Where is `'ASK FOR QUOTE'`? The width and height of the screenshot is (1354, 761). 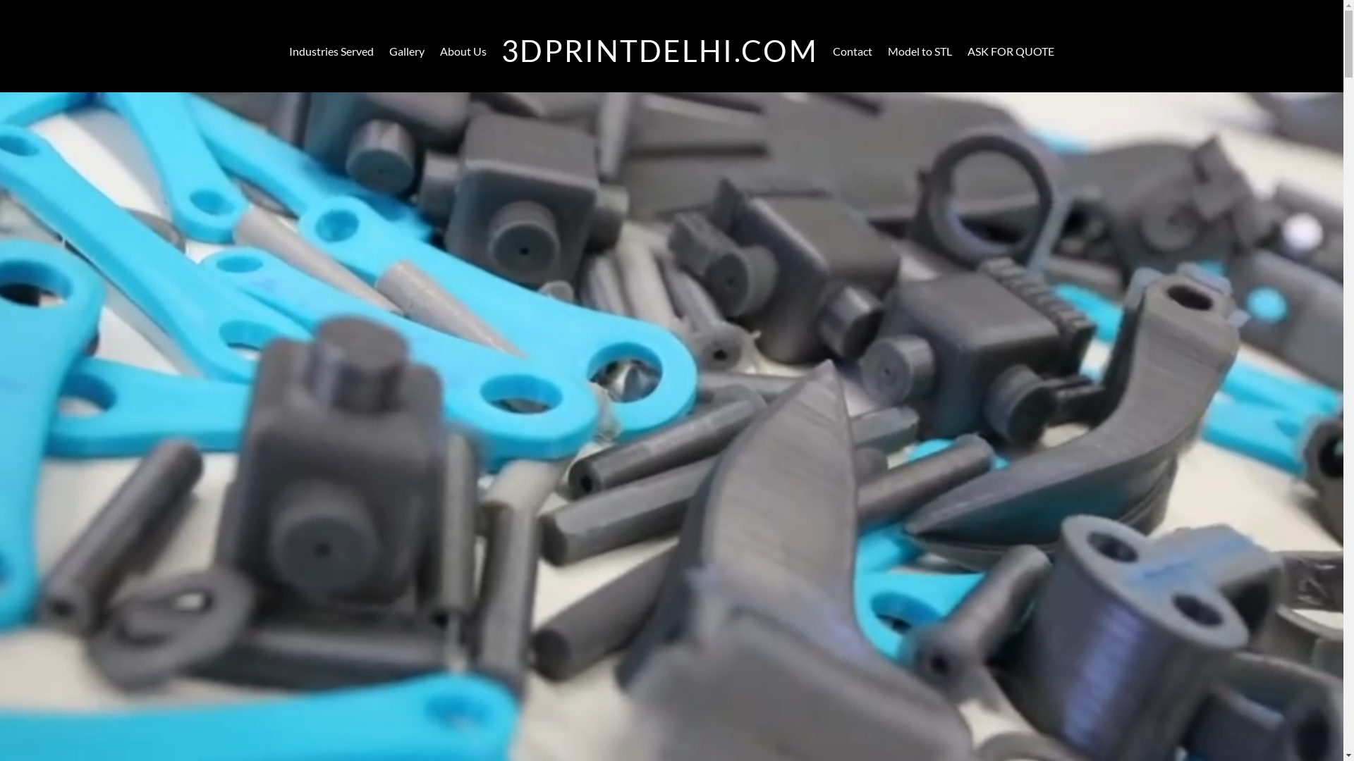 'ASK FOR QUOTE' is located at coordinates (960, 51).